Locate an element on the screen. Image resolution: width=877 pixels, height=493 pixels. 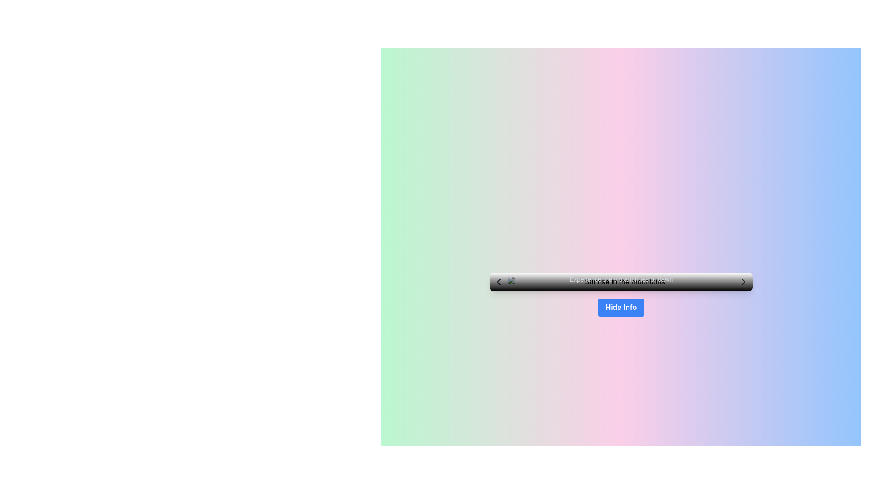
the chevron arrow icon located in the leftmost part of the horizontal toolbar is located at coordinates (498, 281).